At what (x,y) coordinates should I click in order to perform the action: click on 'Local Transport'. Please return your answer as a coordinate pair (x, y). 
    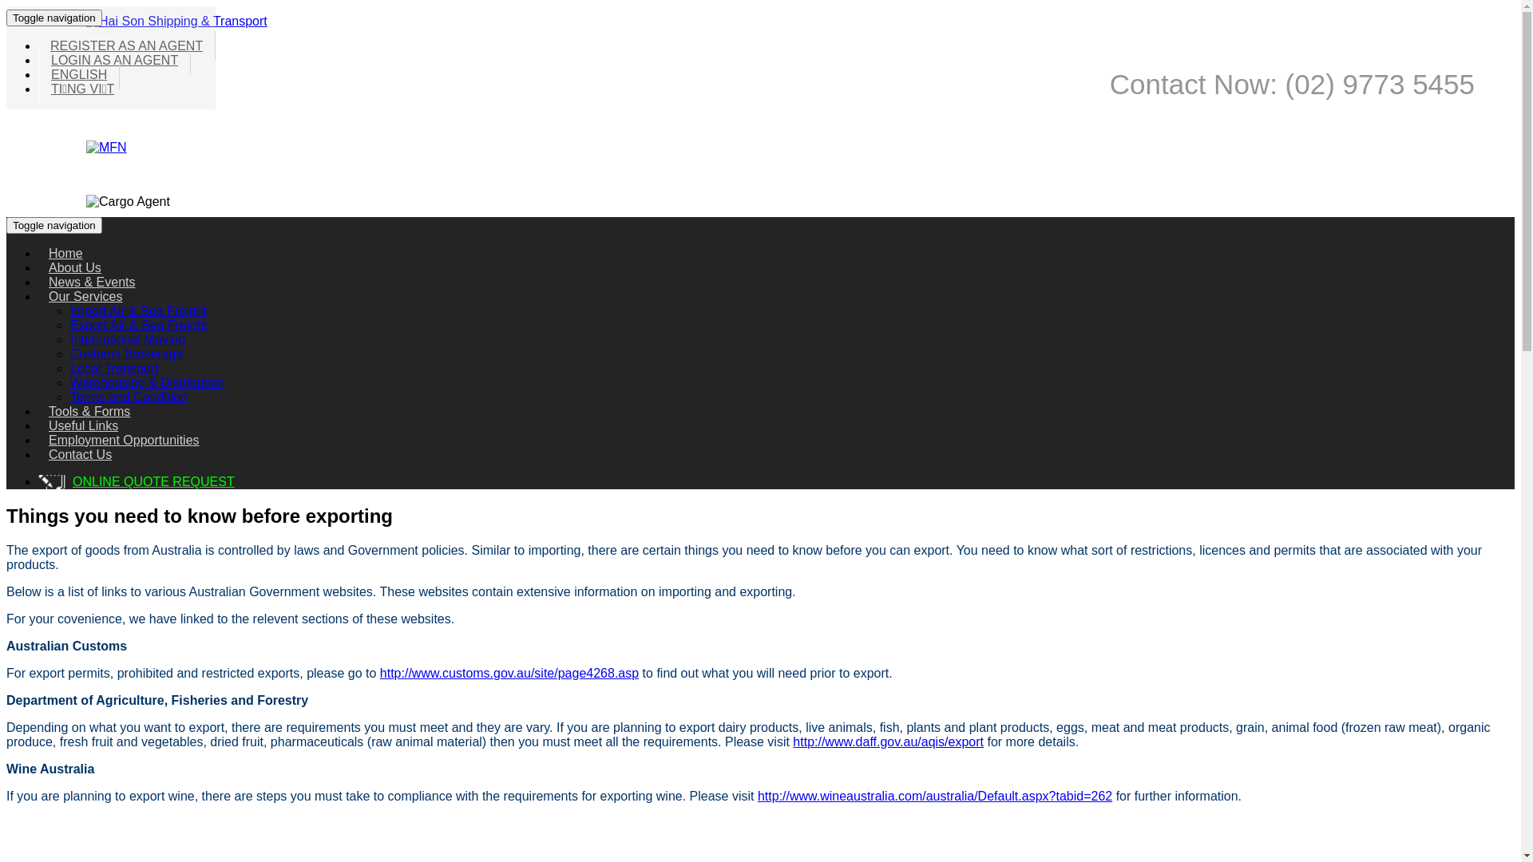
    Looking at the image, I should click on (69, 368).